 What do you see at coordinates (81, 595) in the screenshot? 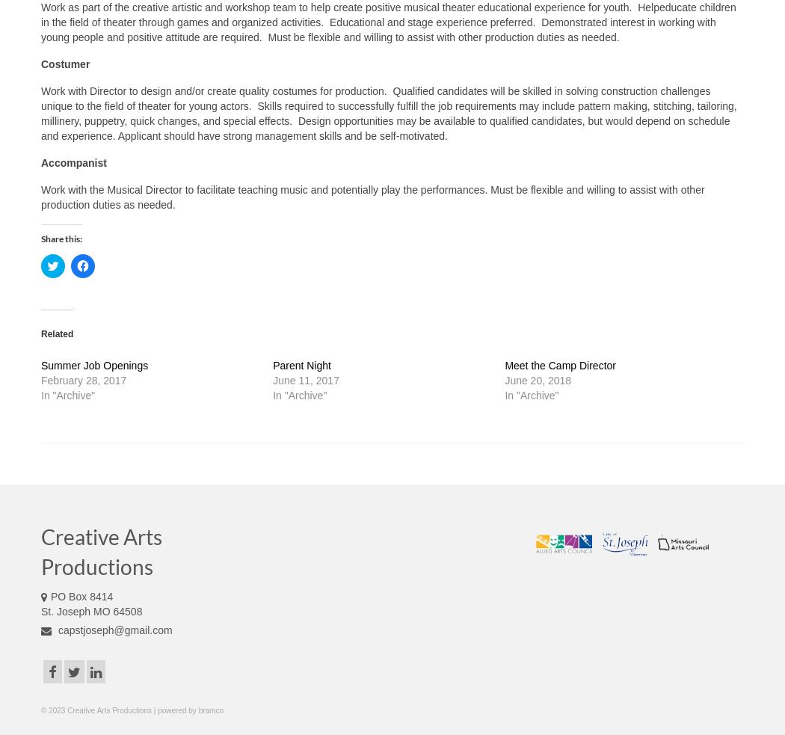
I see `'PO Box 8414'` at bounding box center [81, 595].